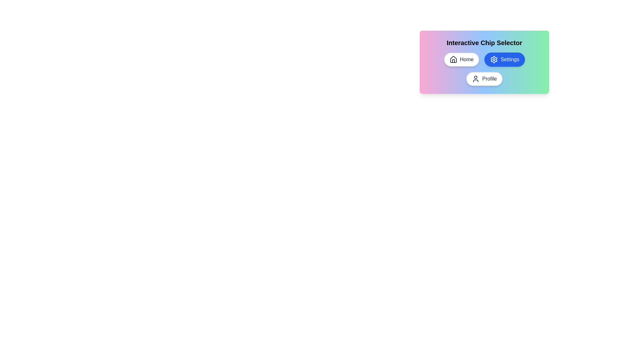 The width and height of the screenshot is (618, 348). Describe the element at coordinates (484, 79) in the screenshot. I see `the chip labeled Profile` at that location.